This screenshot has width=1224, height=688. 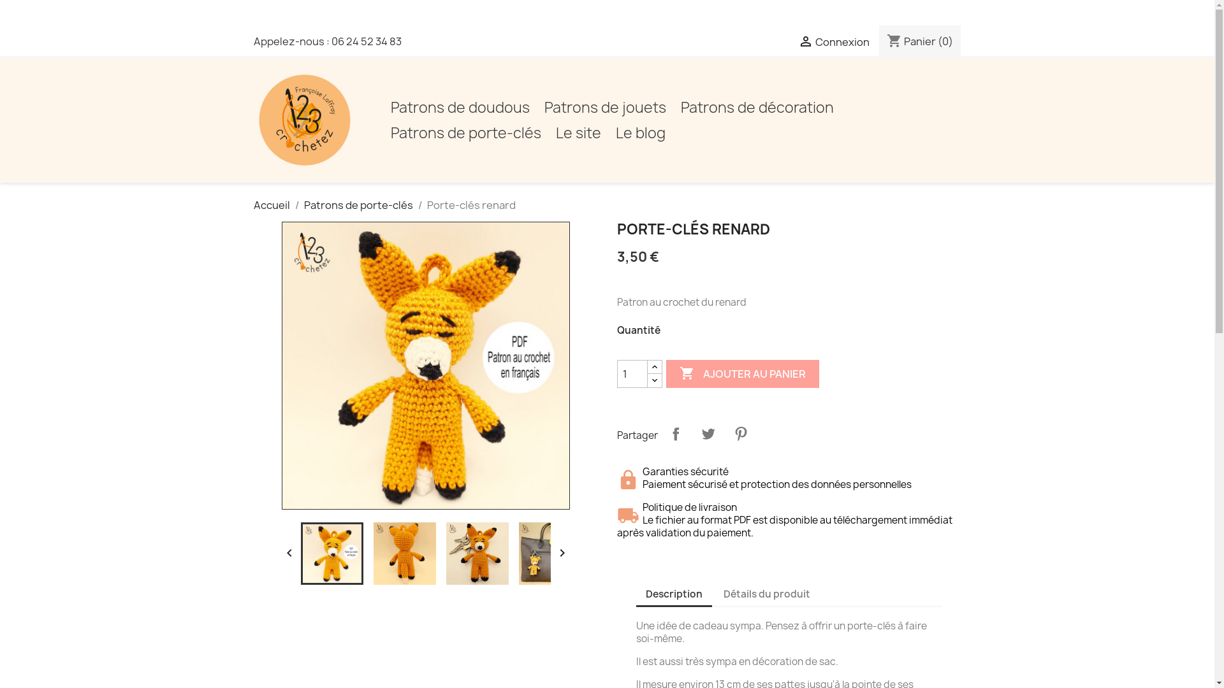 I want to click on 'Patrons de jouets', so click(x=604, y=107).